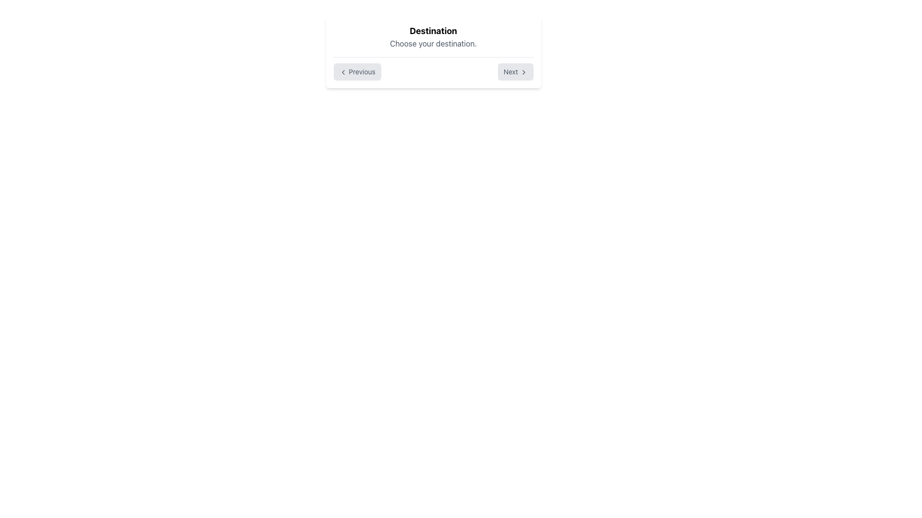 This screenshot has width=922, height=518. I want to click on the backward navigation button located at the top-center of the layout, so click(357, 71).